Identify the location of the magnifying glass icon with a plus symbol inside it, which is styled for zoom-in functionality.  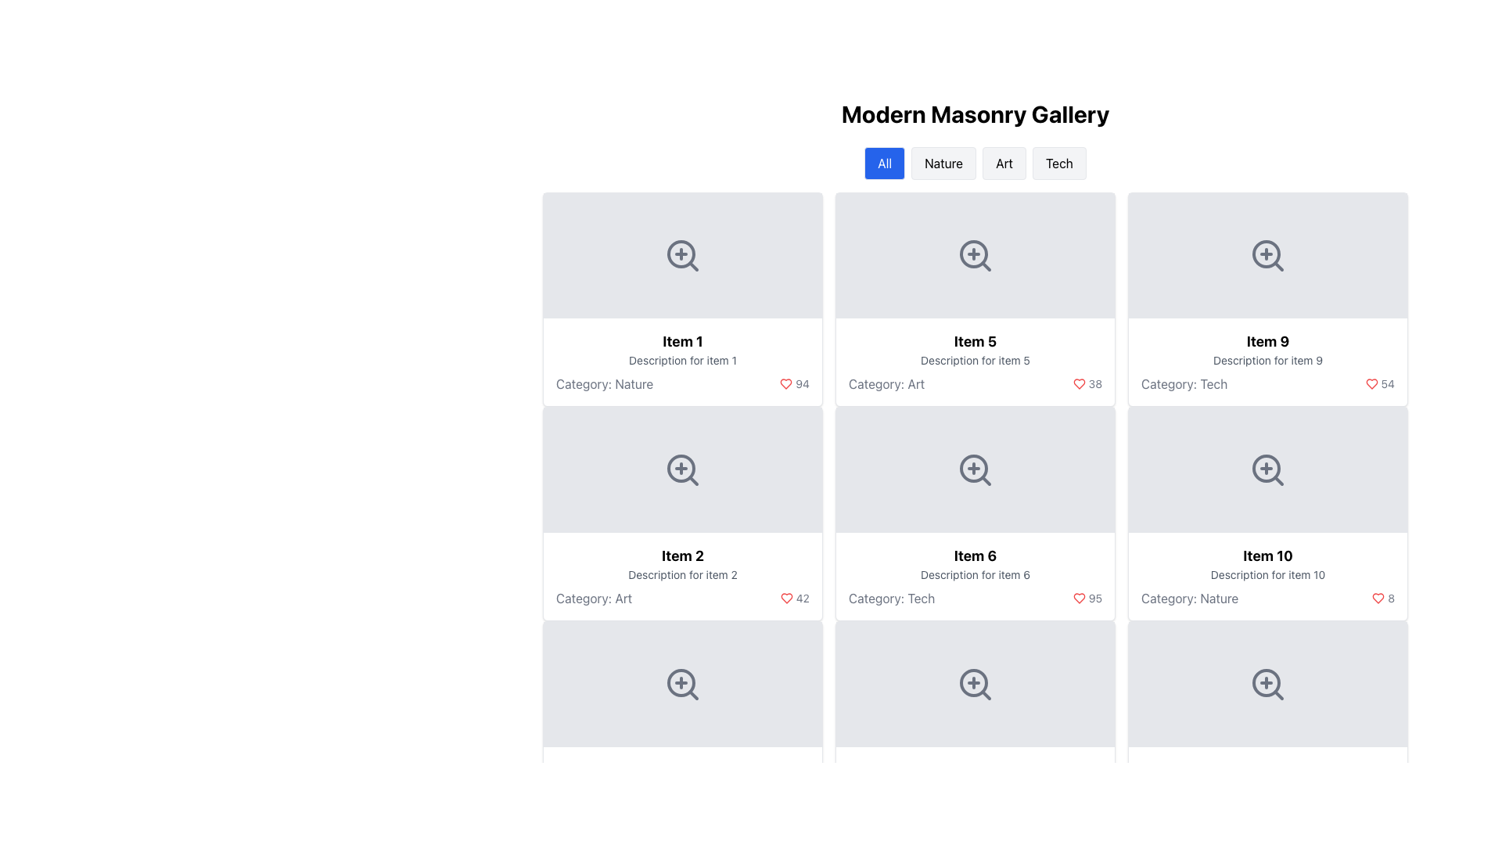
(975, 469).